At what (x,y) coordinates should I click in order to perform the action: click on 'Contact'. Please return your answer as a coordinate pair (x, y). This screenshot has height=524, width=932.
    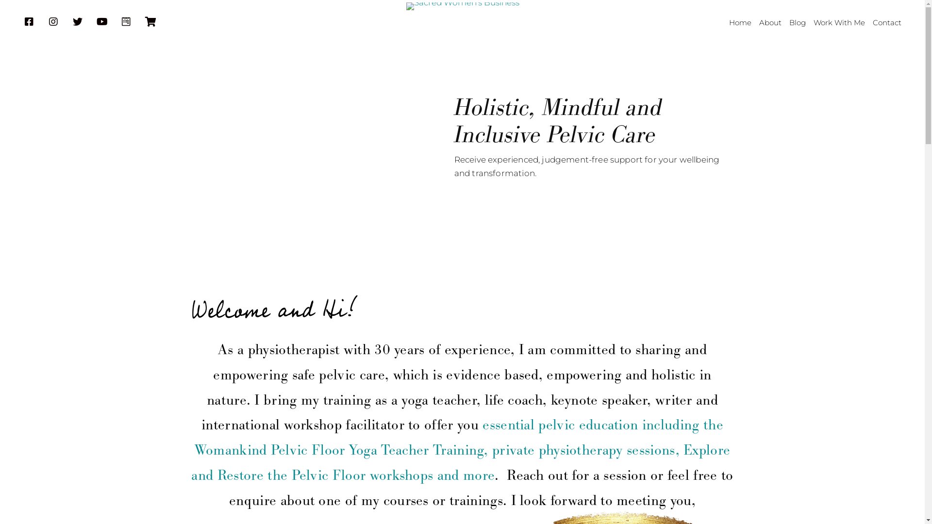
    Looking at the image, I should click on (887, 22).